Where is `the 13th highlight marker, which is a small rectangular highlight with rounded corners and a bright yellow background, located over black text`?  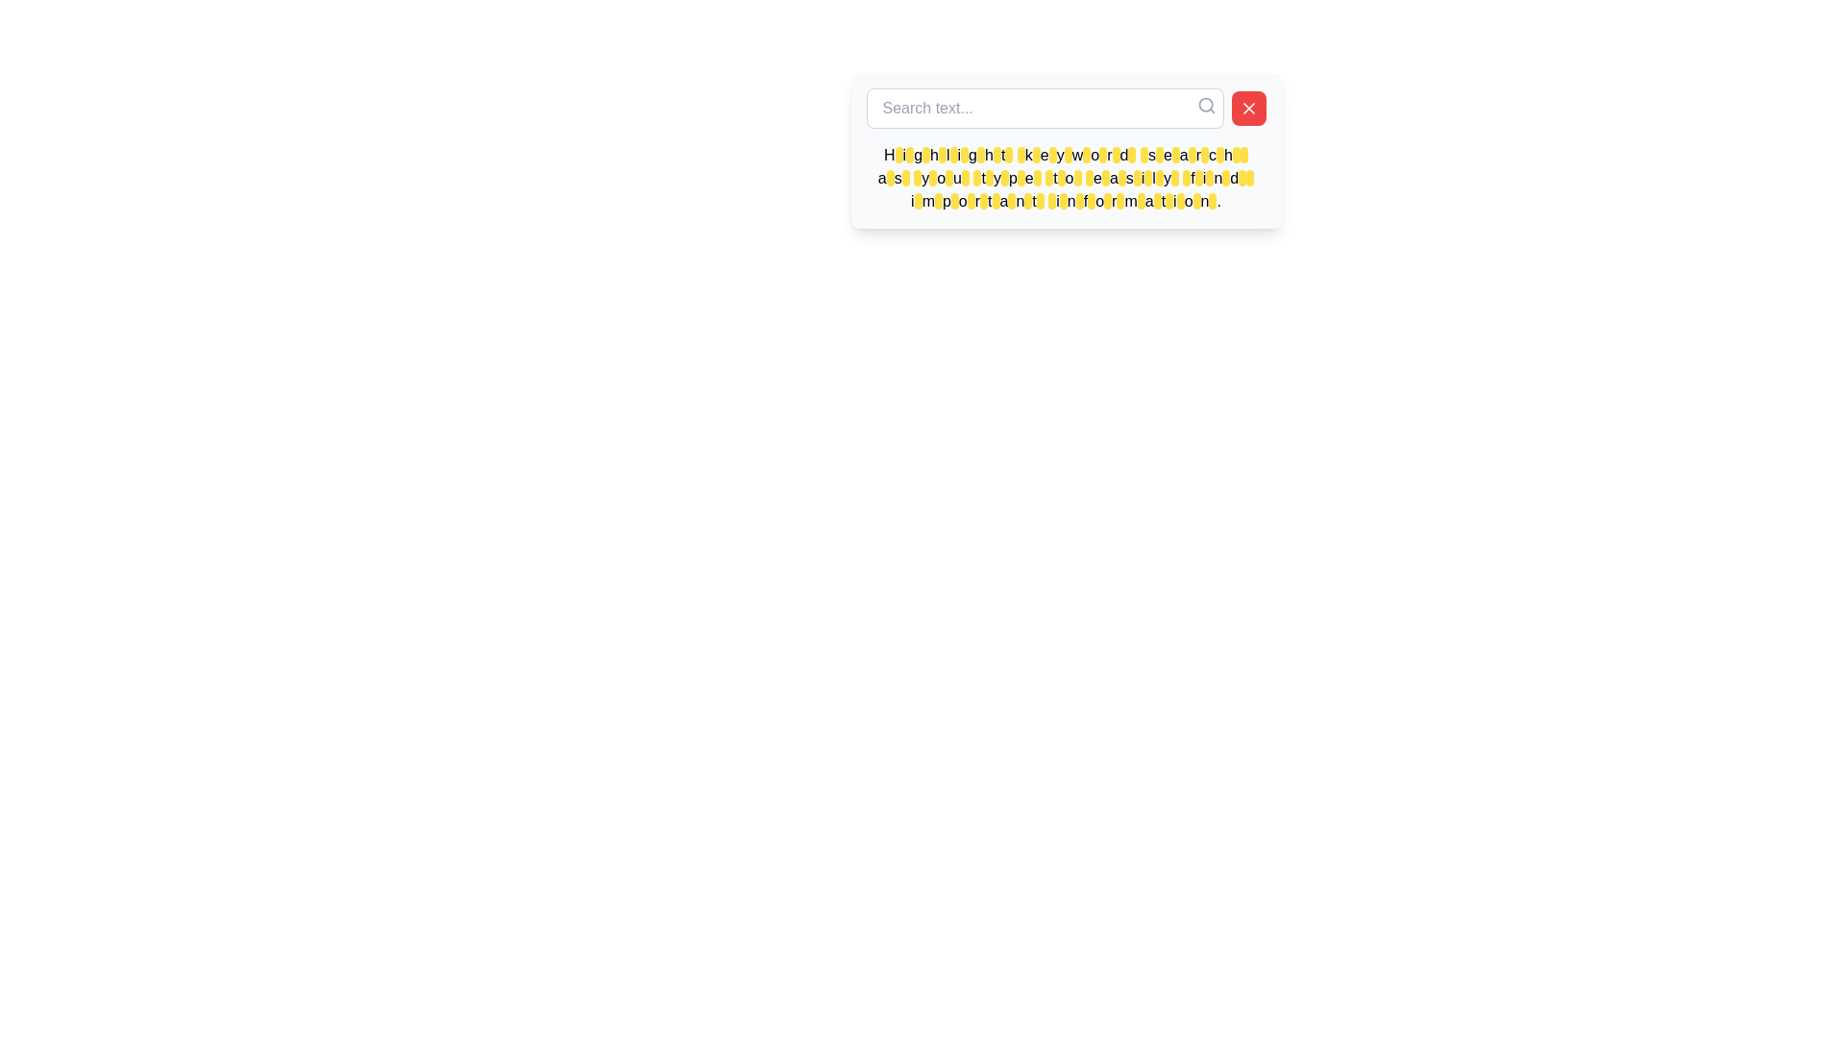 the 13th highlight marker, which is a small rectangular highlight with rounded corners and a bright yellow background, located over black text is located at coordinates (1067, 154).